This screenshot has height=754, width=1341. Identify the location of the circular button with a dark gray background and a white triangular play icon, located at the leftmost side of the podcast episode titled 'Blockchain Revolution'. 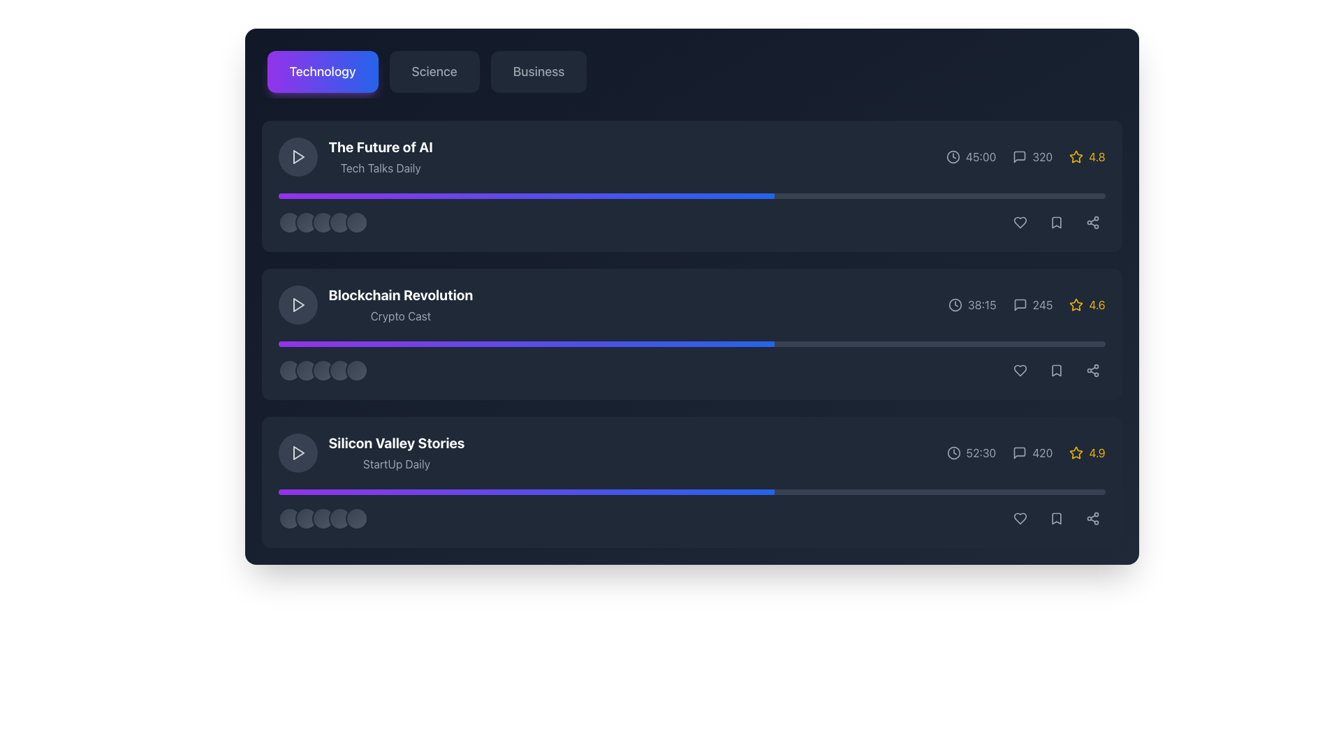
(297, 304).